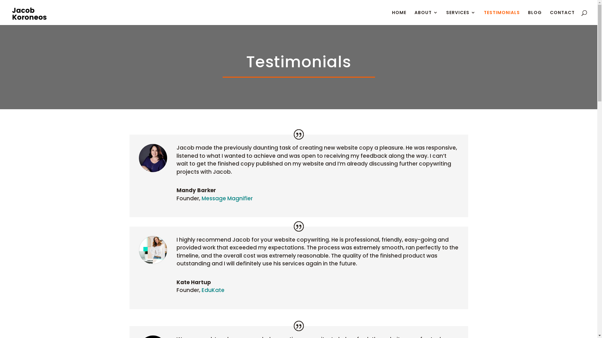 The width and height of the screenshot is (602, 338). I want to click on 'TESTIMONIALS', so click(502, 17).